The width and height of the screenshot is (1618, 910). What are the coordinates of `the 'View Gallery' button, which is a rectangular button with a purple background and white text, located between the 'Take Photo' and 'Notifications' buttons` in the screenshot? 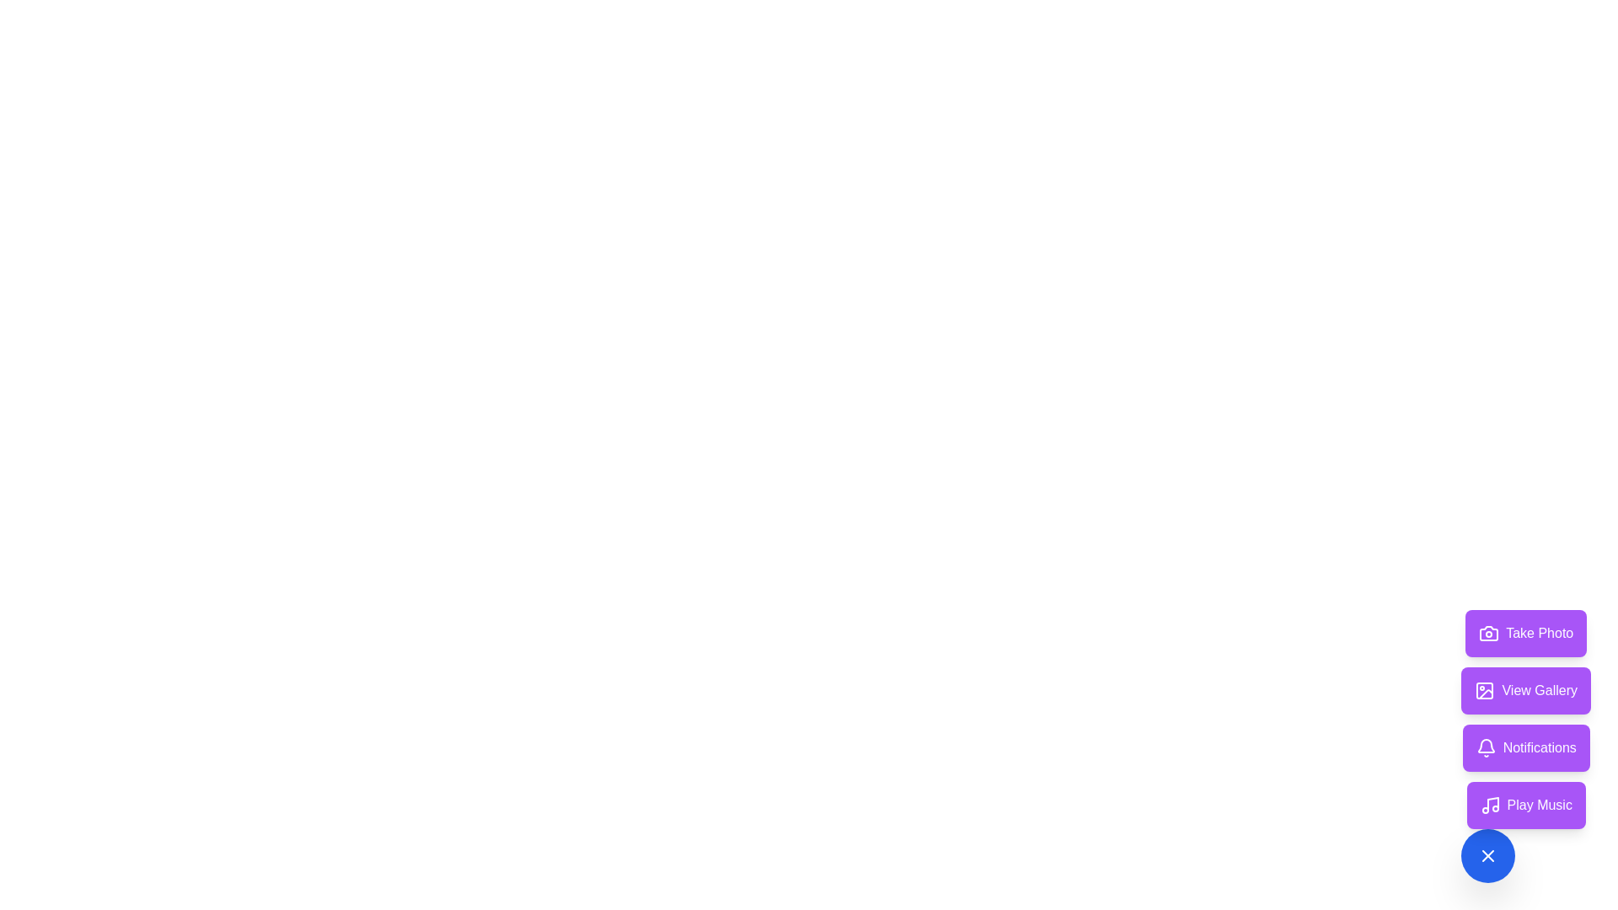 It's located at (1526, 691).